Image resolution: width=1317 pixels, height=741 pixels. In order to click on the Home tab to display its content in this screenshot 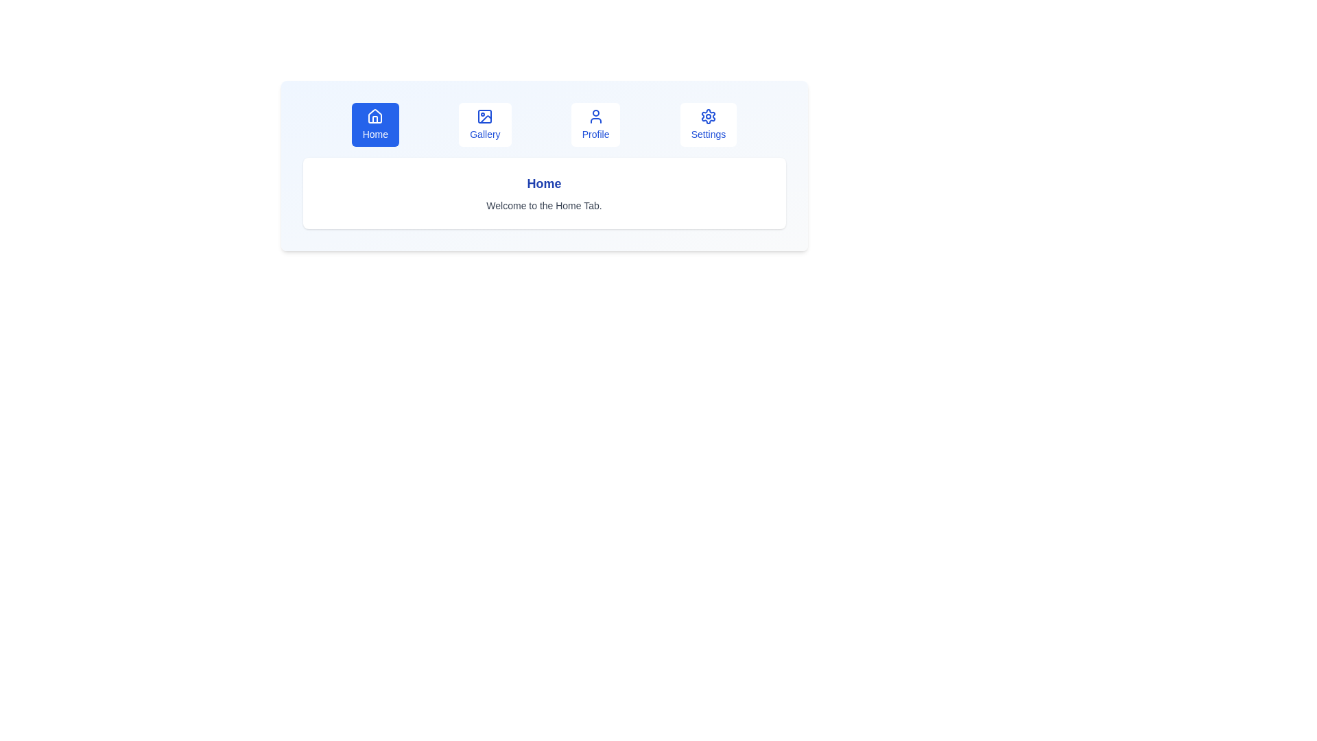, I will do `click(375, 124)`.